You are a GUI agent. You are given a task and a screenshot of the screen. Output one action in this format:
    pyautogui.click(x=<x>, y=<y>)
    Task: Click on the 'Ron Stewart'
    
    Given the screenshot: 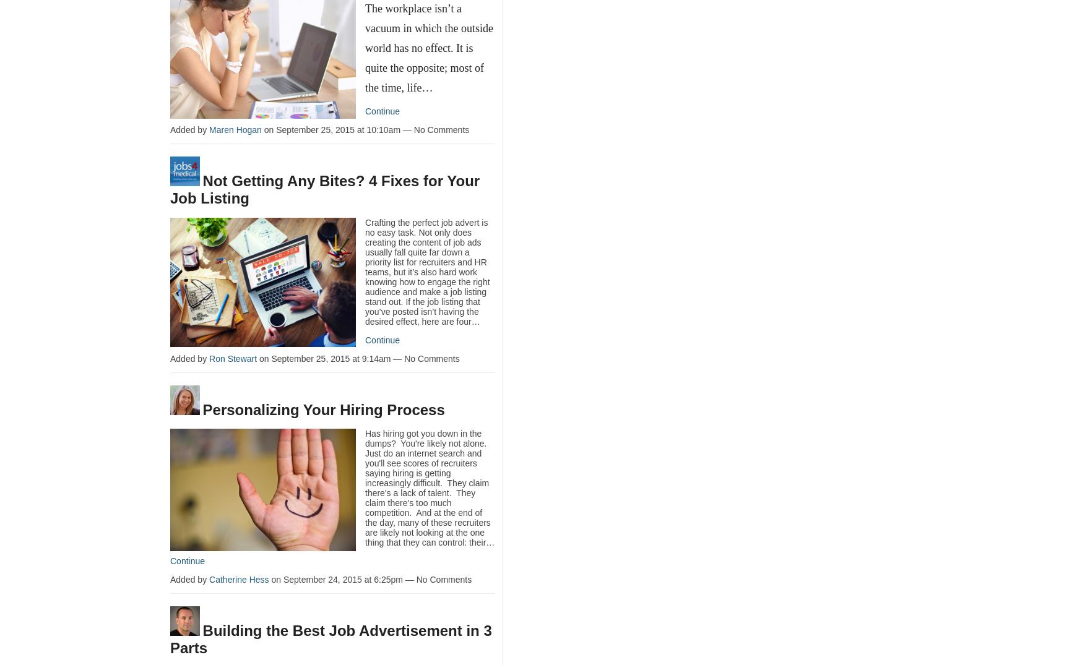 What is the action you would take?
    pyautogui.click(x=209, y=358)
    